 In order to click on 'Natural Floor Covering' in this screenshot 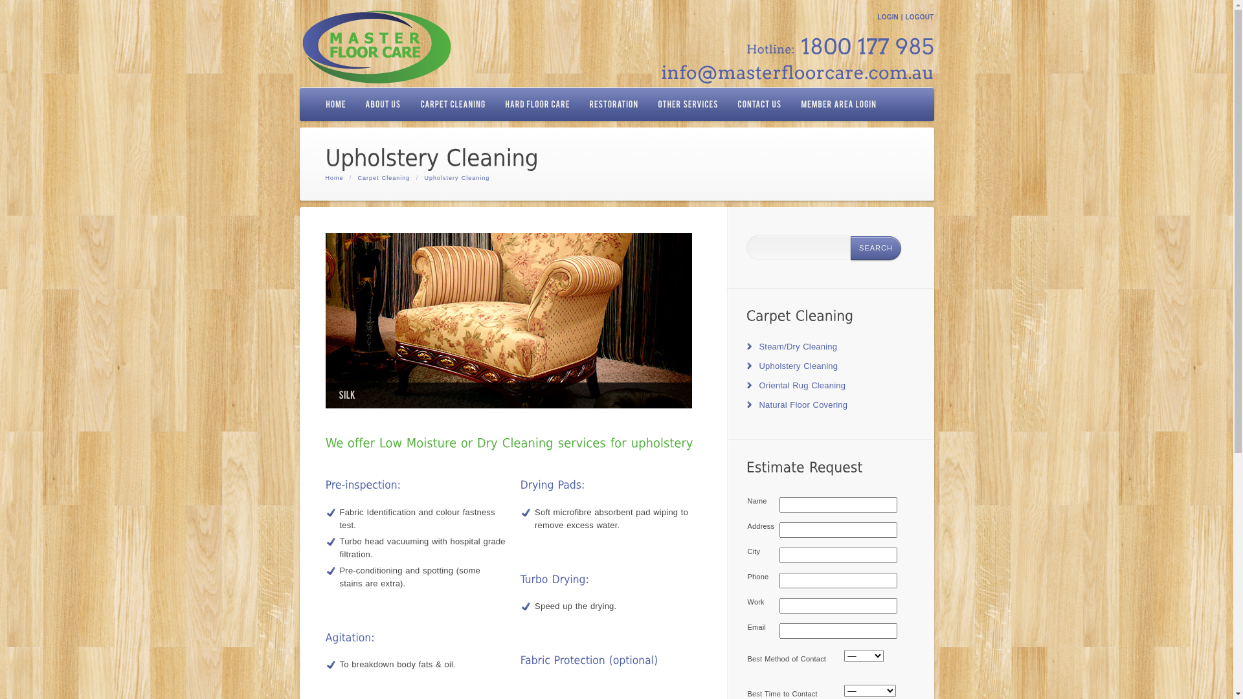, I will do `click(758, 404)`.